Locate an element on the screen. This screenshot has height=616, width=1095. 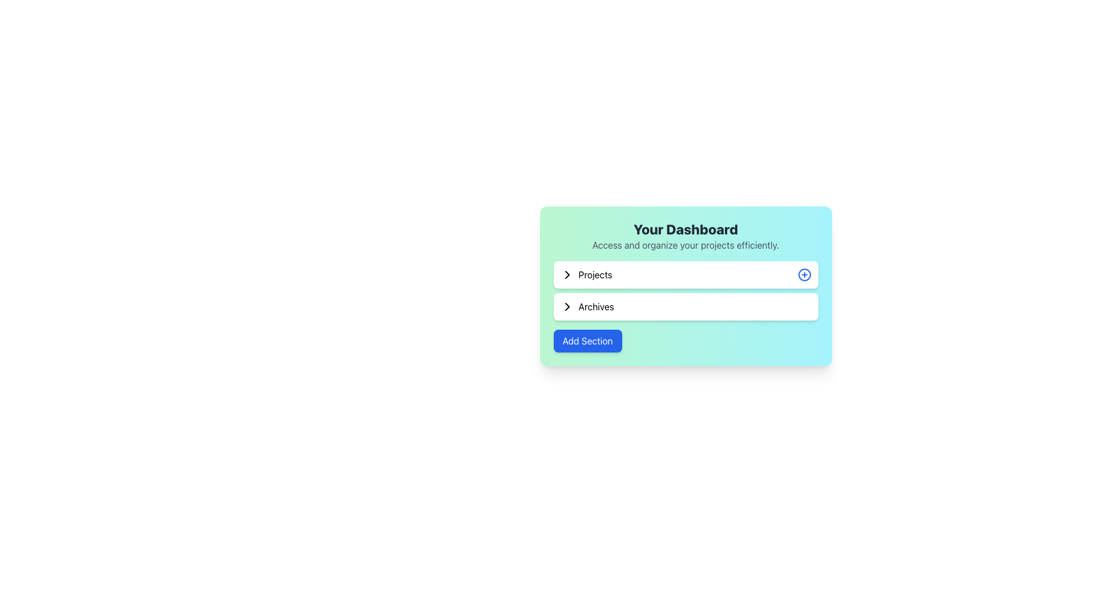
the icon located in the top-right corner of the 'Projects' section is located at coordinates (804, 275).